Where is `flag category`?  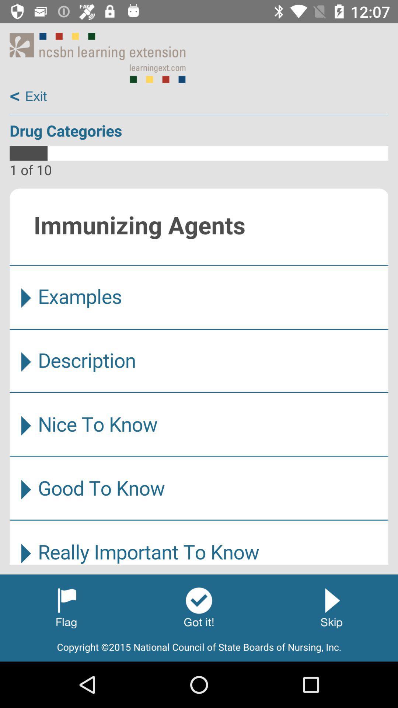 flag category is located at coordinates (66, 607).